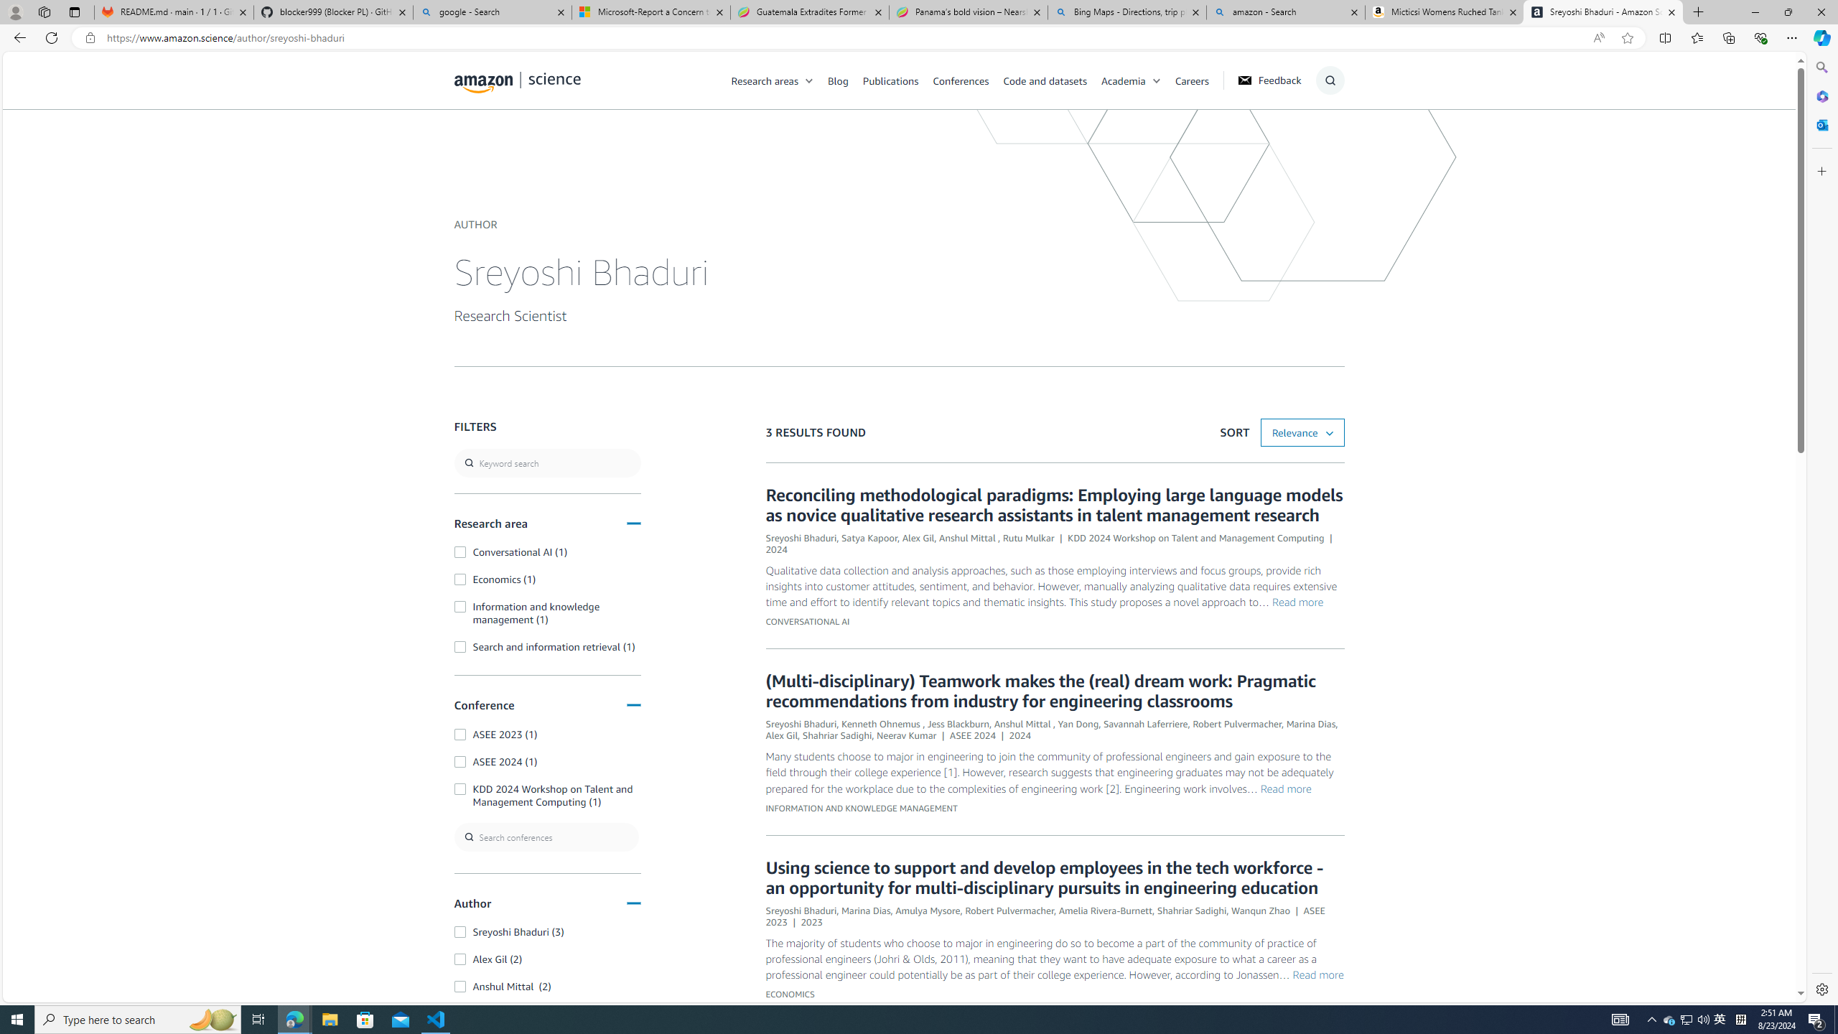 This screenshot has height=1034, width=1838. What do you see at coordinates (1123, 80) in the screenshot?
I see `'Academia'` at bounding box center [1123, 80].